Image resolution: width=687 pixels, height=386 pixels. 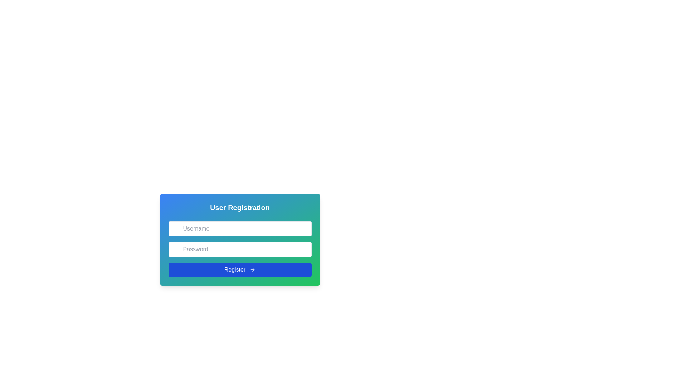 What do you see at coordinates (240, 249) in the screenshot?
I see `inside the password input field, which is styled with a placeholder 'Password' and is the second input field under 'User Registration', to focus on it` at bounding box center [240, 249].